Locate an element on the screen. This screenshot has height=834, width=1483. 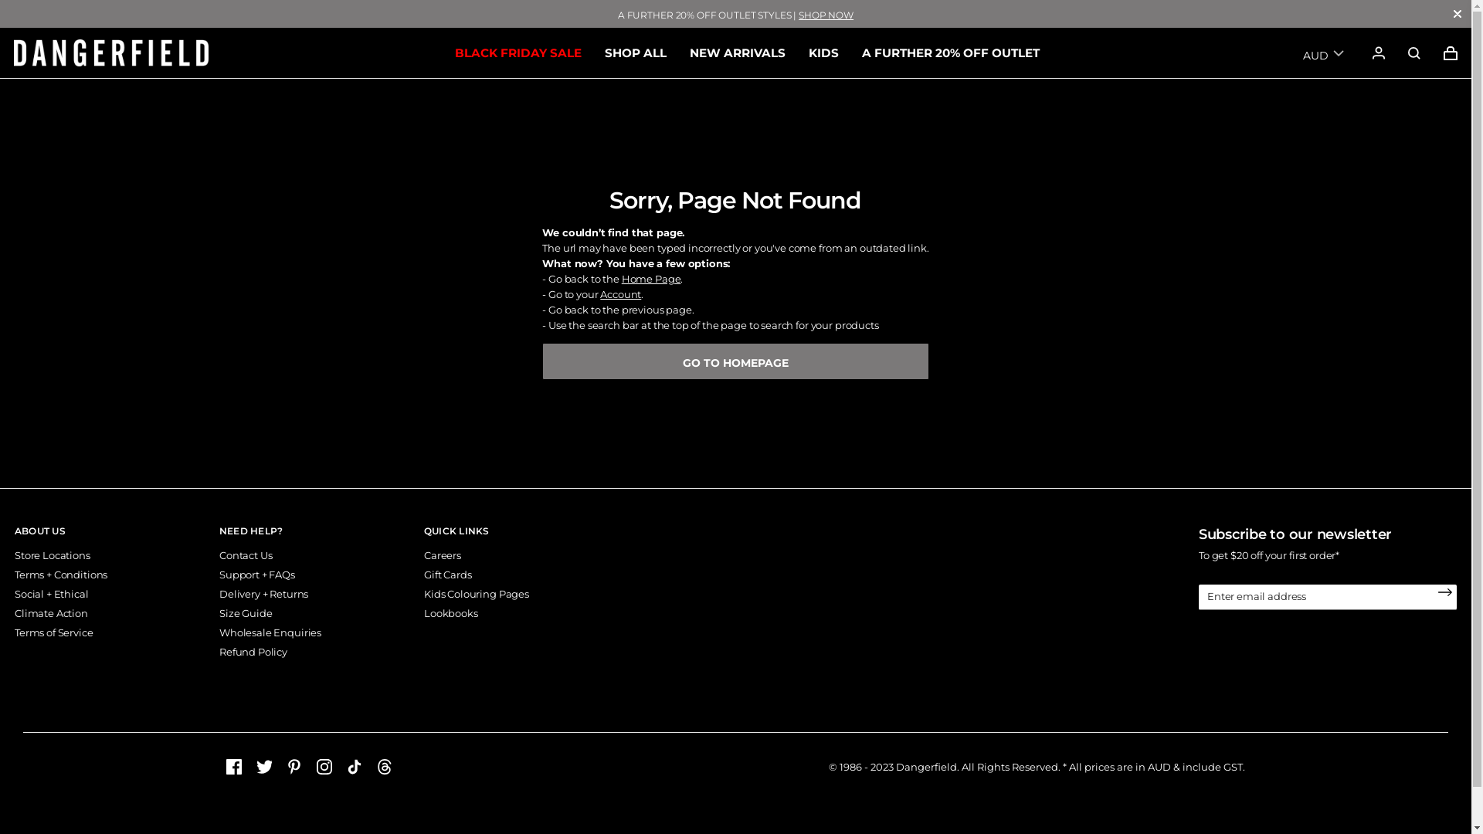
'Size Guide' is located at coordinates (245, 612).